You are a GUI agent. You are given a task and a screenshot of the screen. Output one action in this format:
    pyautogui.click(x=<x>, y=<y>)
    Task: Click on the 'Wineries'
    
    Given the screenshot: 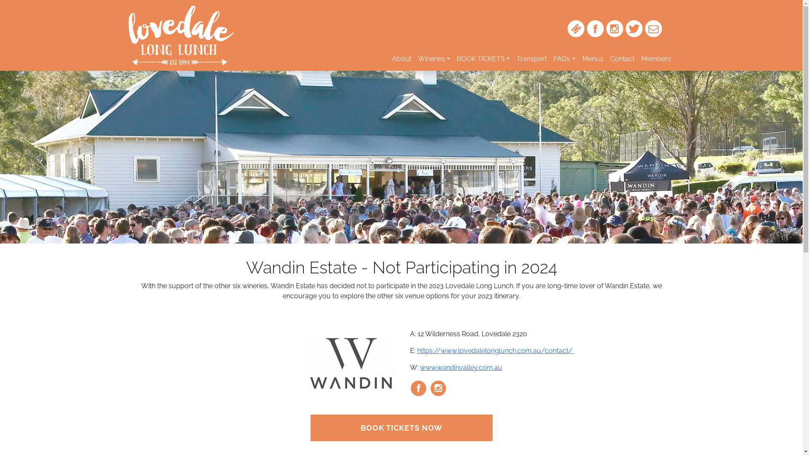 What is the action you would take?
    pyautogui.click(x=434, y=58)
    